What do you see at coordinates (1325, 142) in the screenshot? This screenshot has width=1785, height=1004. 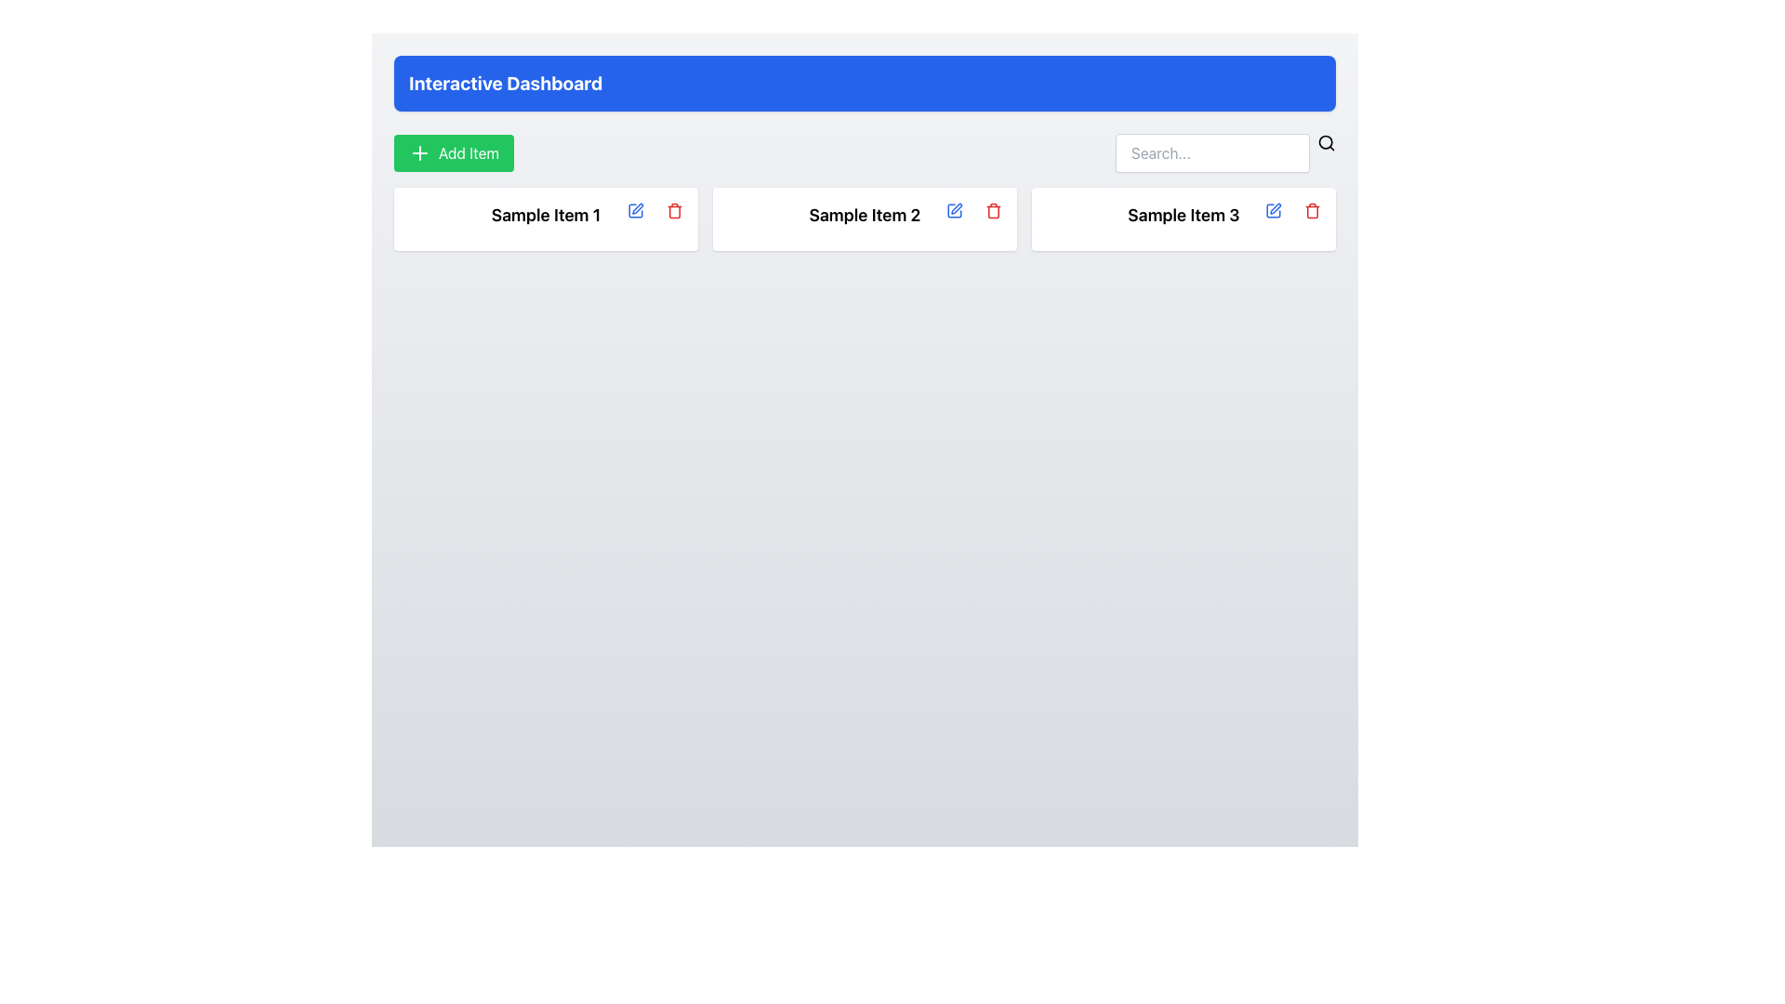 I see `the magnifying glass icon located to the right of the 'Search...' input field for interaction feedback` at bounding box center [1325, 142].